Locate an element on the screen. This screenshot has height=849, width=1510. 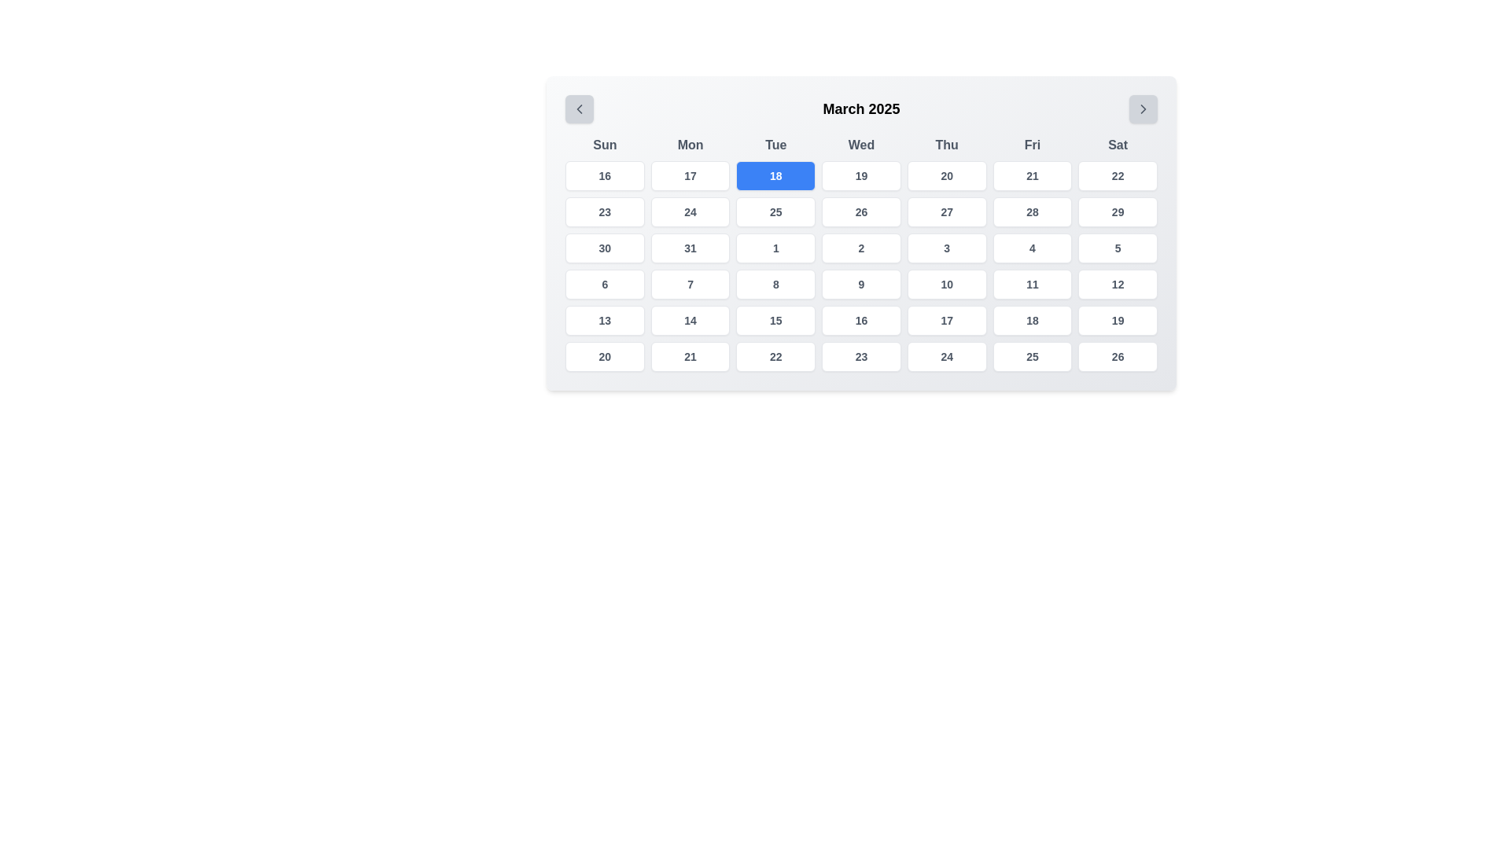
the static label indicating 'Thursday' in the calendar interface, which is positioned in the fifth position of a row of days is located at coordinates (946, 145).